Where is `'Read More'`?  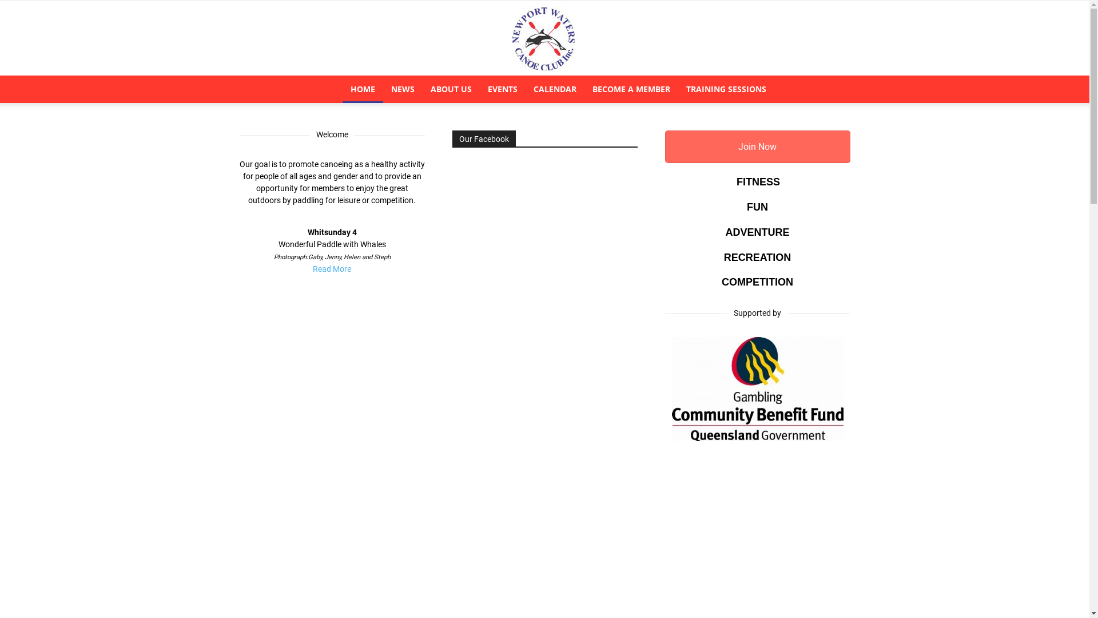
'Read More' is located at coordinates (331, 269).